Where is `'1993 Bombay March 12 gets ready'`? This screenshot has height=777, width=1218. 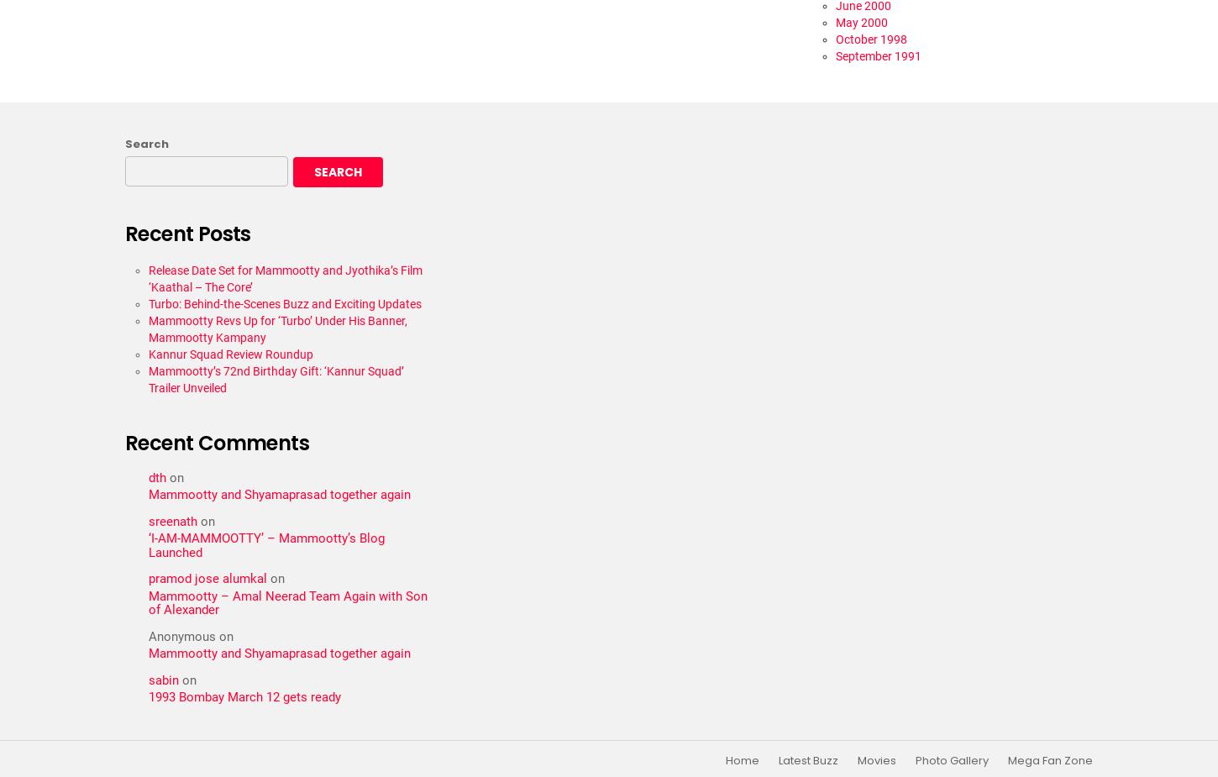 '1993 Bombay March 12 gets ready' is located at coordinates (244, 697).